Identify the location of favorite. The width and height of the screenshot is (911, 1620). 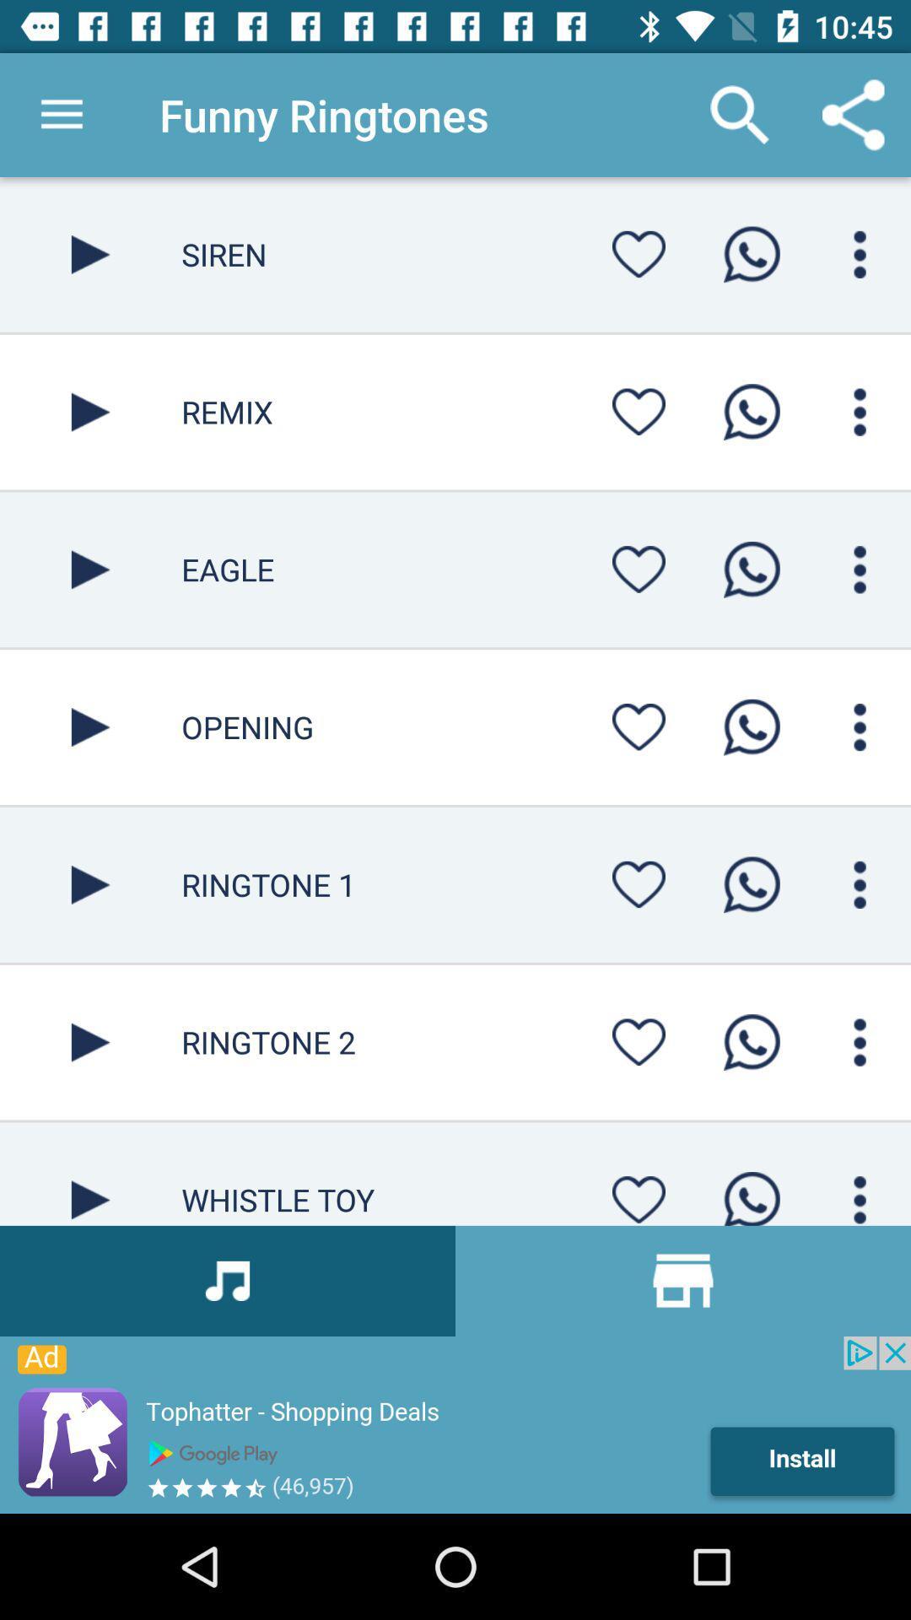
(639, 412).